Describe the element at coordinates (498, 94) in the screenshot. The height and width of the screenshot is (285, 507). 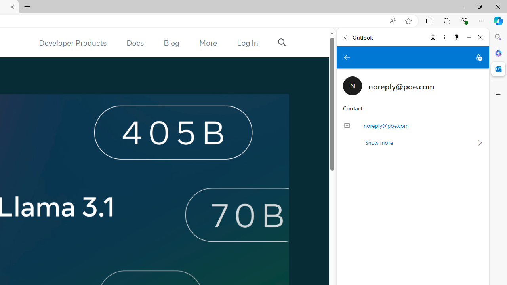
I see `'Customize'` at that location.